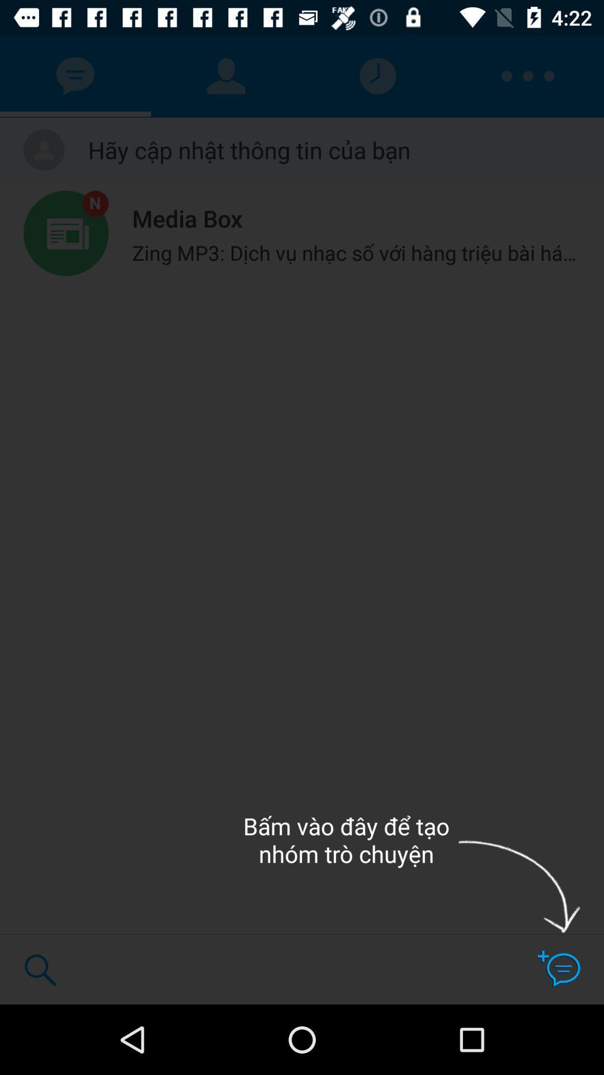 This screenshot has width=604, height=1075. I want to click on the chat icon, so click(559, 969).